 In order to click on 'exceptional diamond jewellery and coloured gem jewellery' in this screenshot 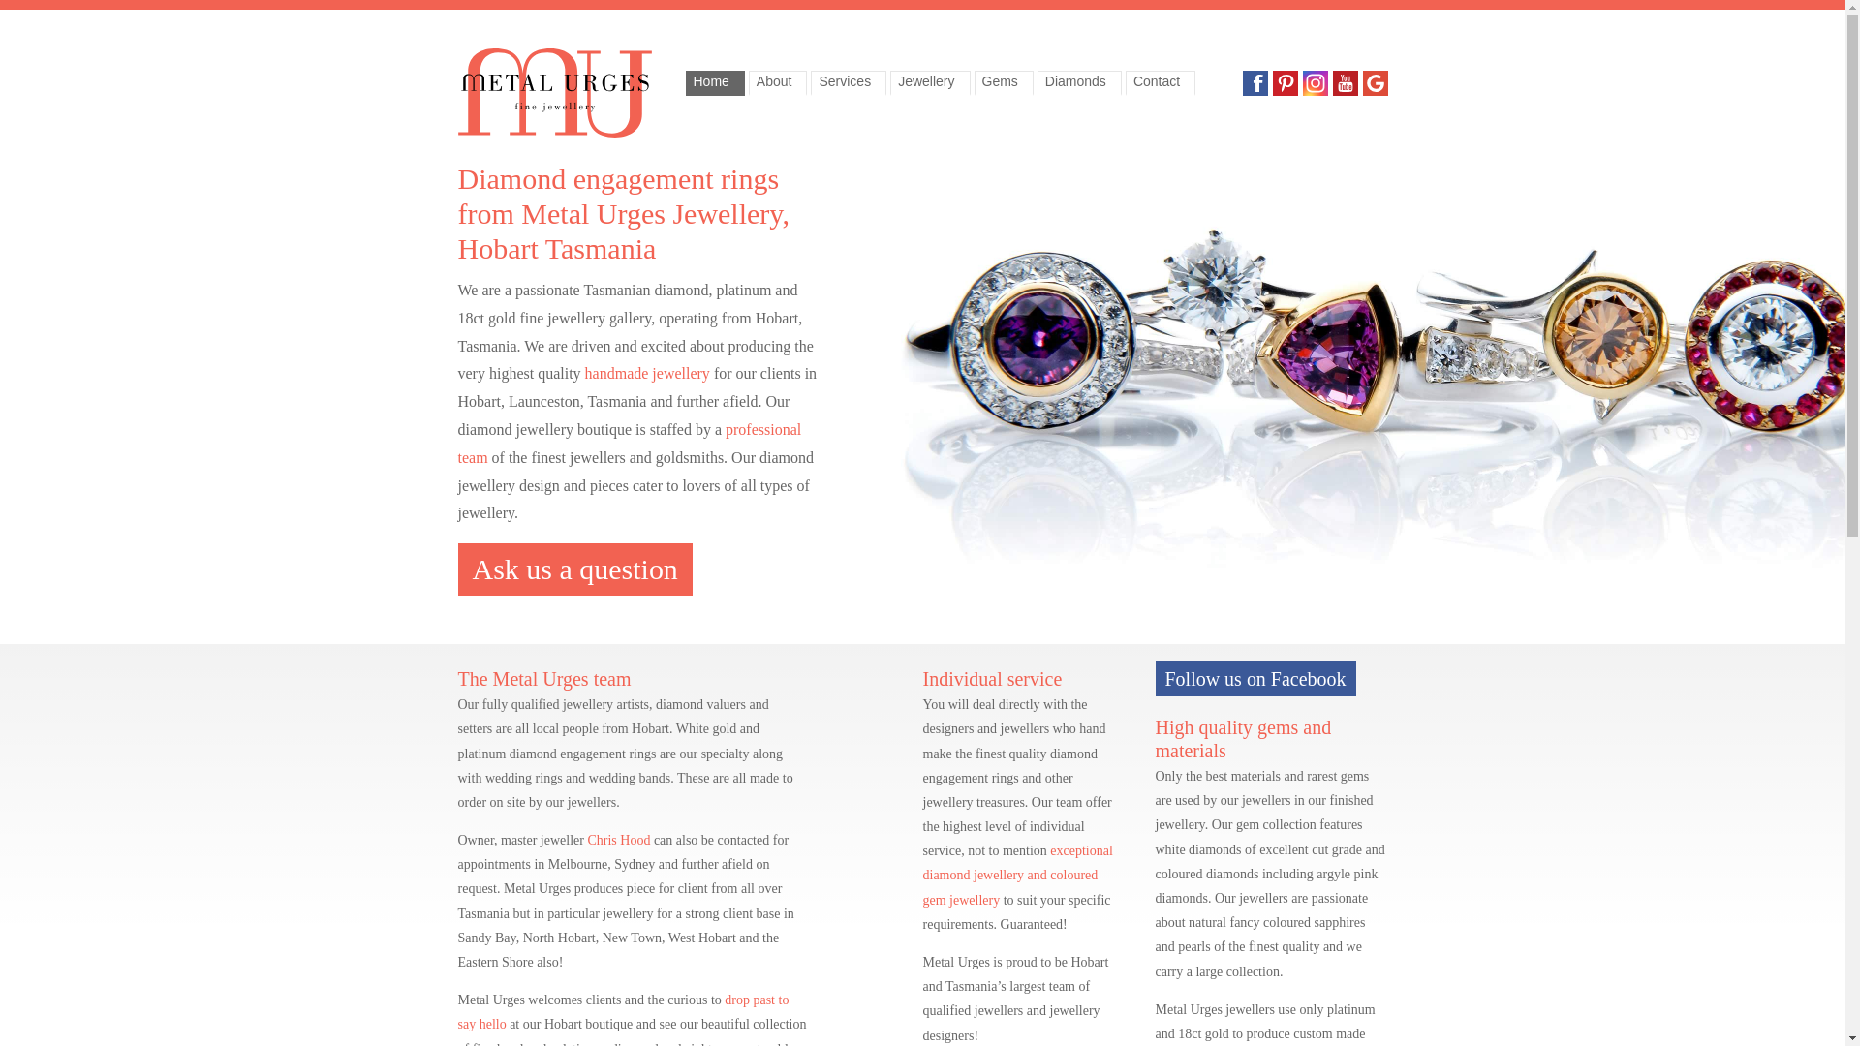, I will do `click(1016, 875)`.